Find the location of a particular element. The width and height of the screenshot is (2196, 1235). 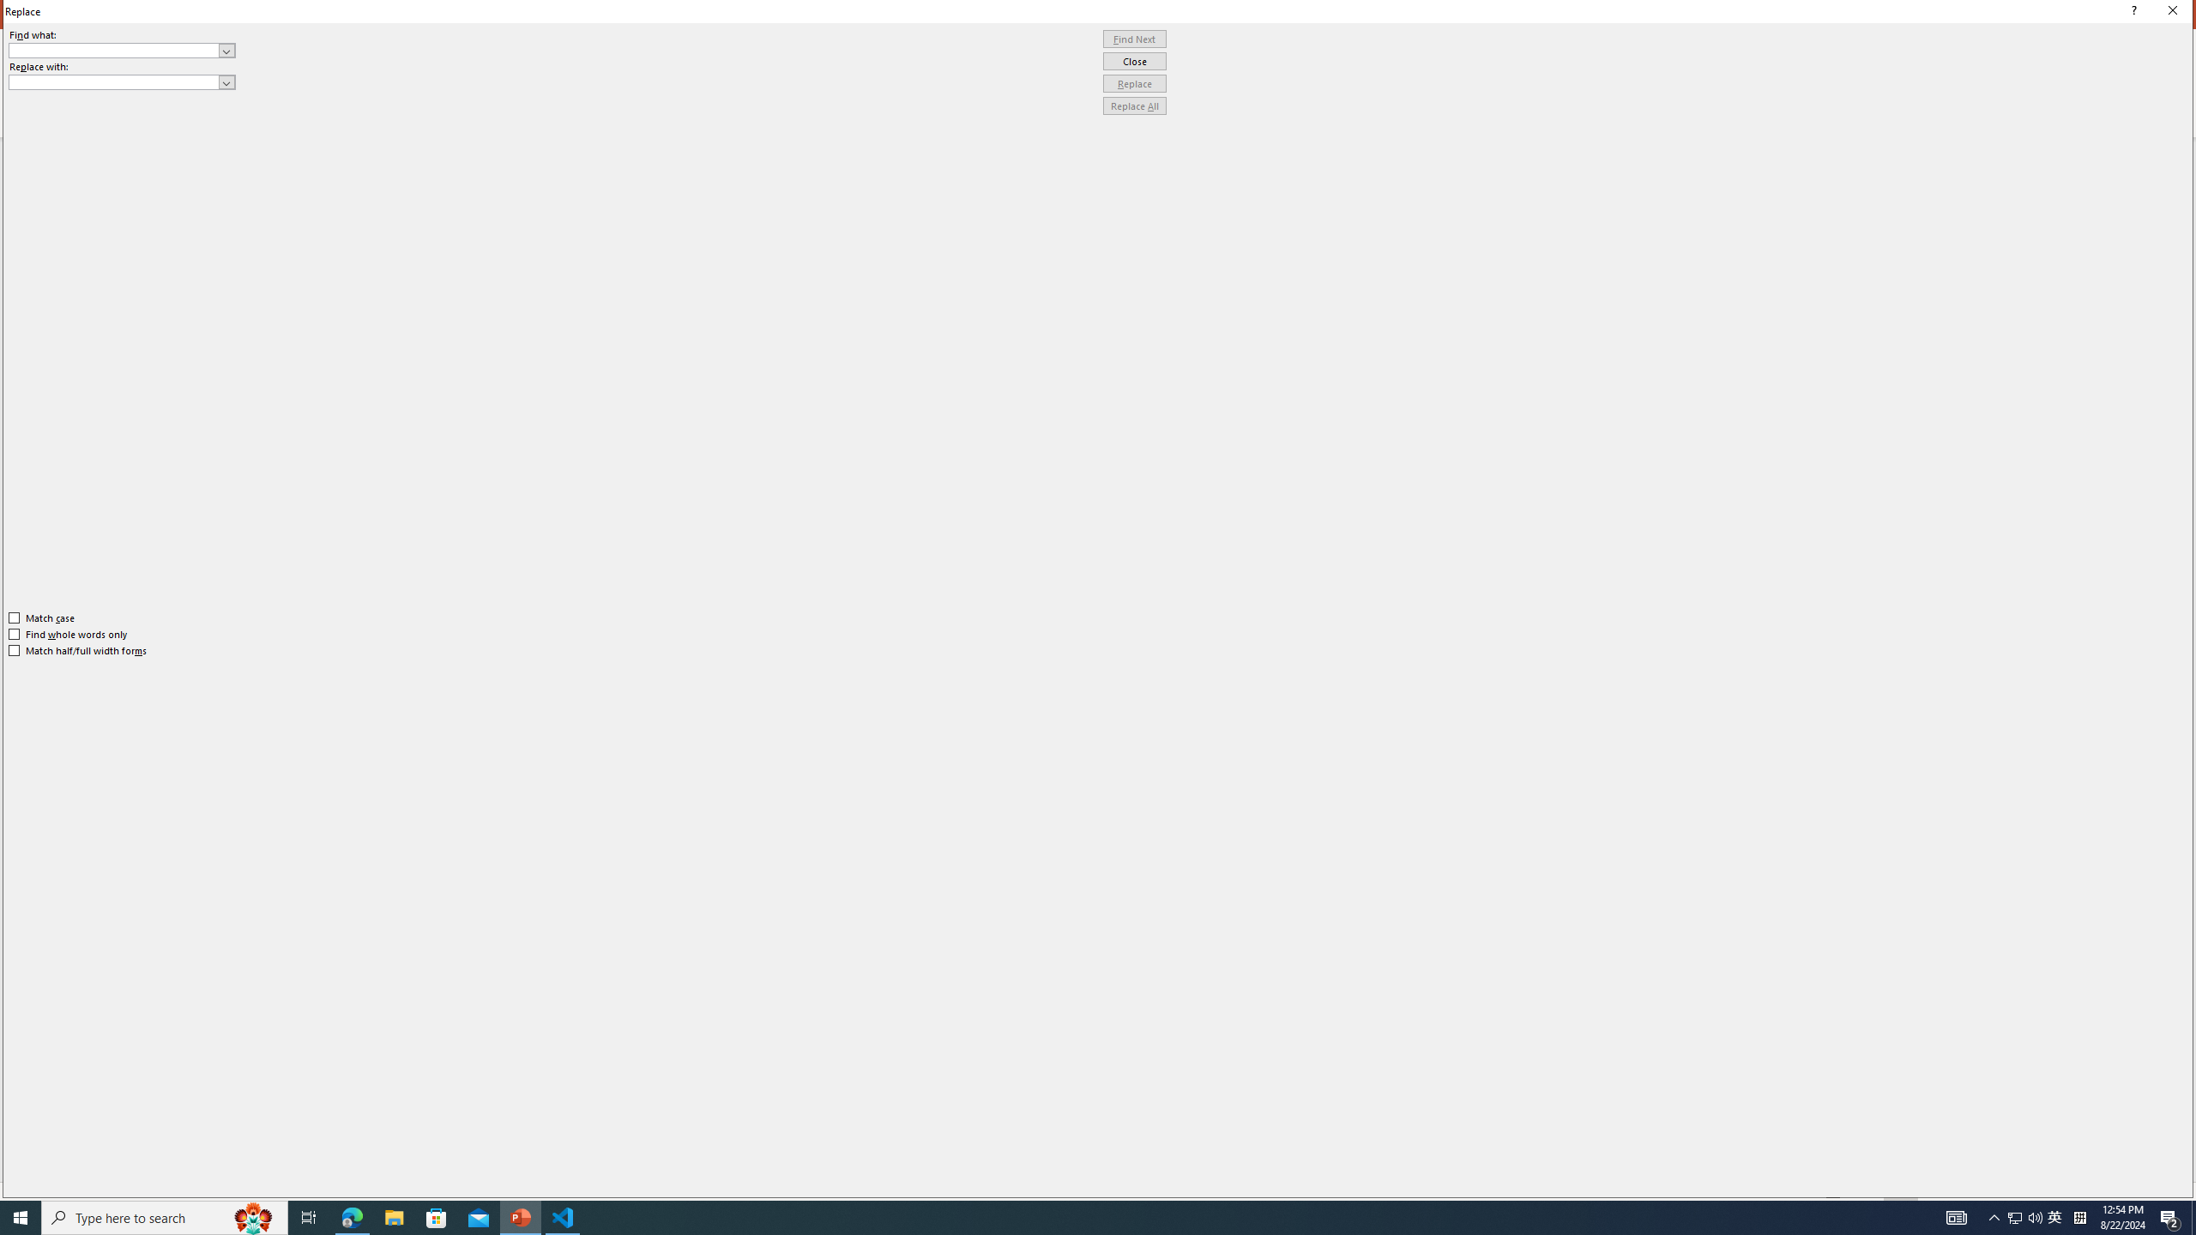

'Replace' is located at coordinates (1134, 82).